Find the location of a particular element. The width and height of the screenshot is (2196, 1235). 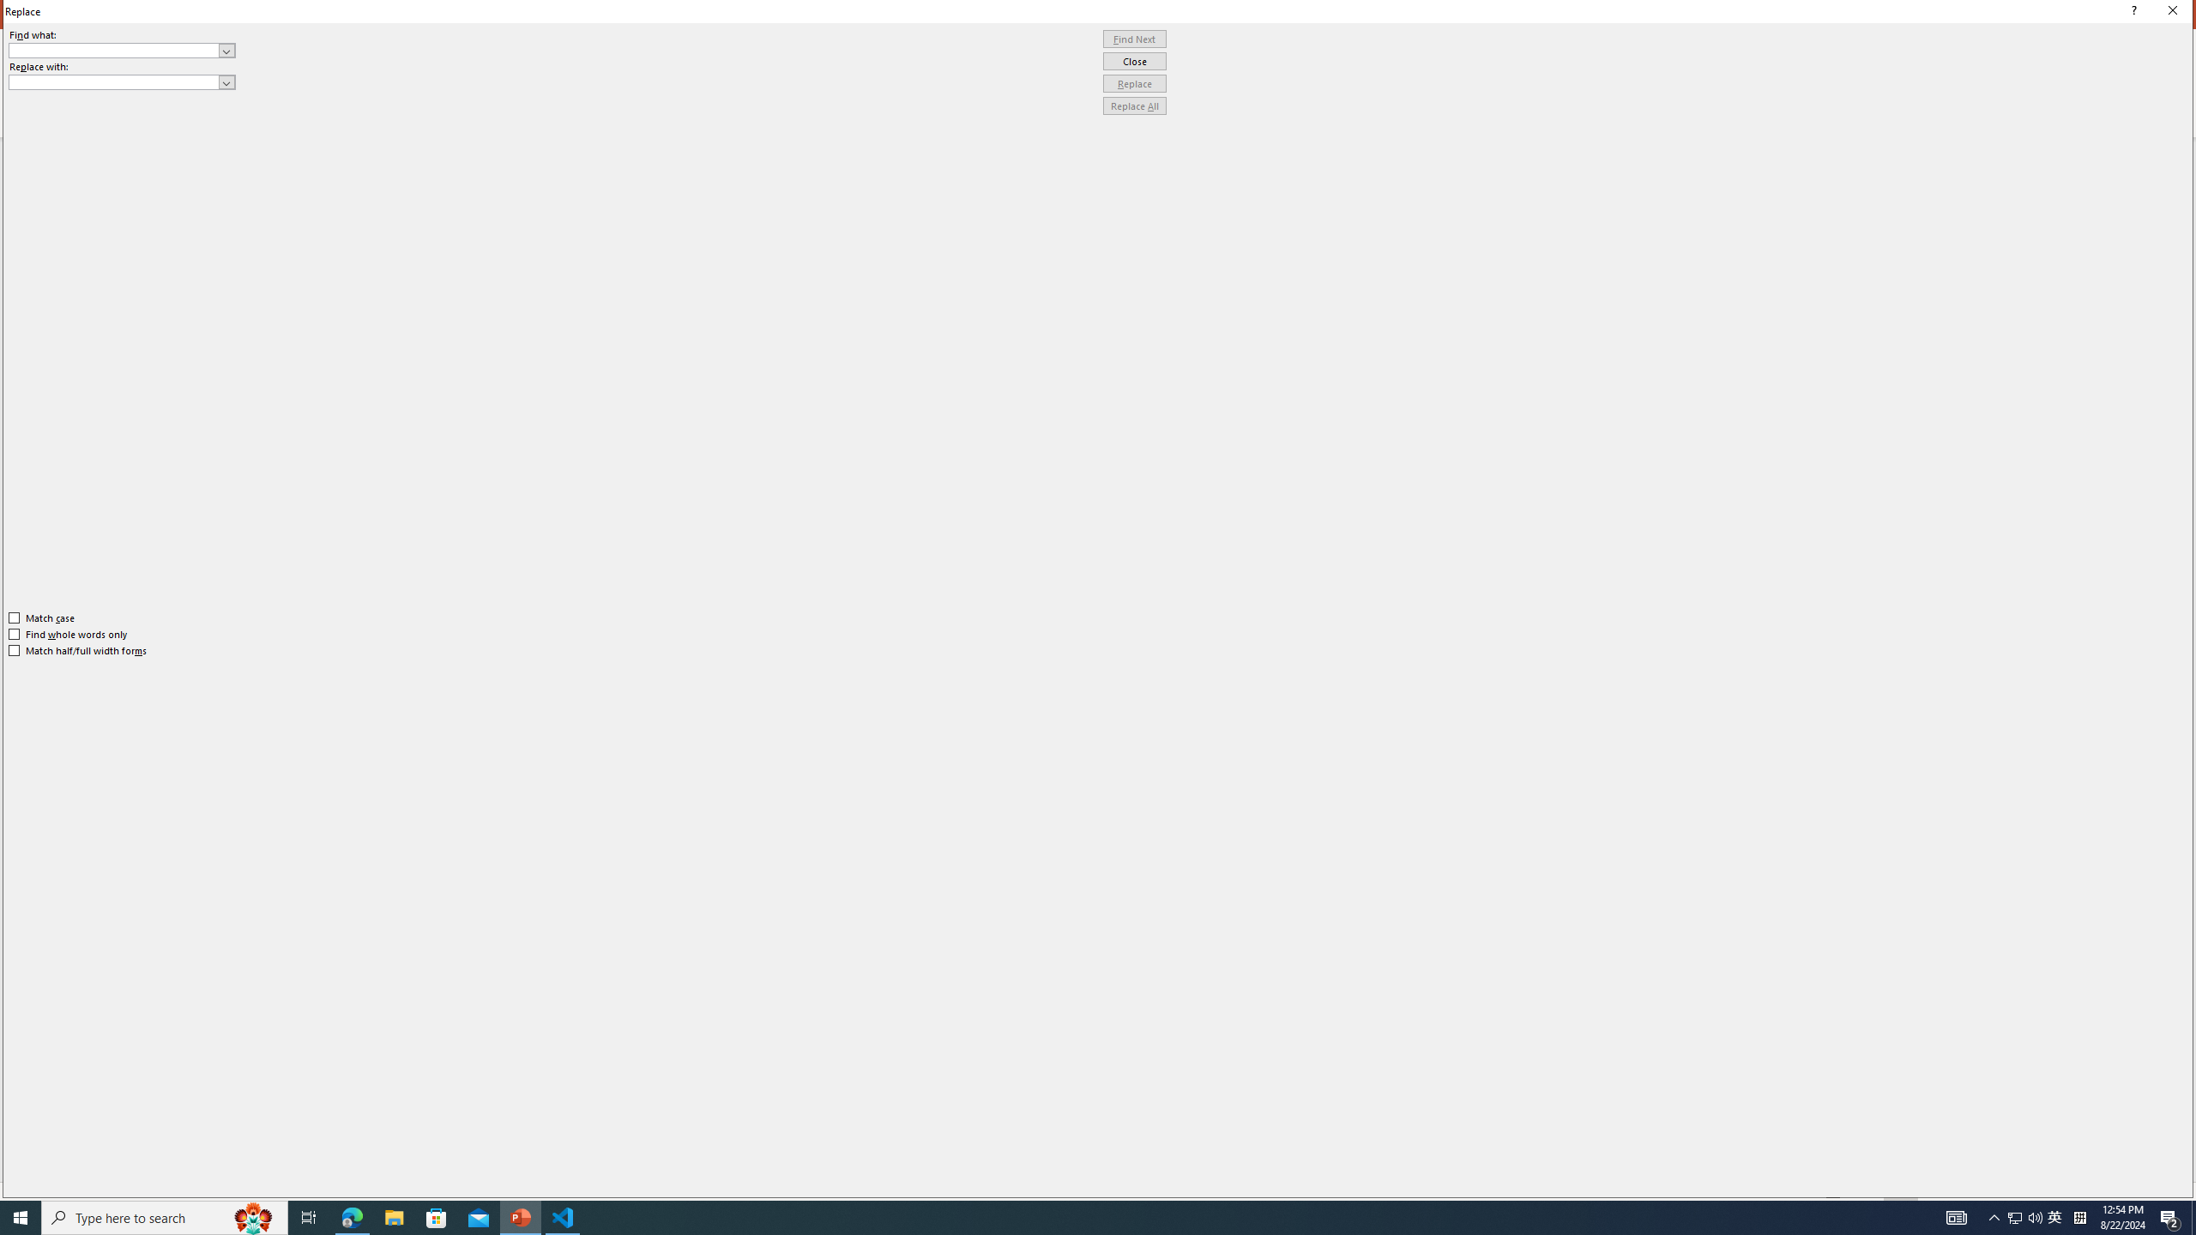

'Replace' is located at coordinates (1134, 82).